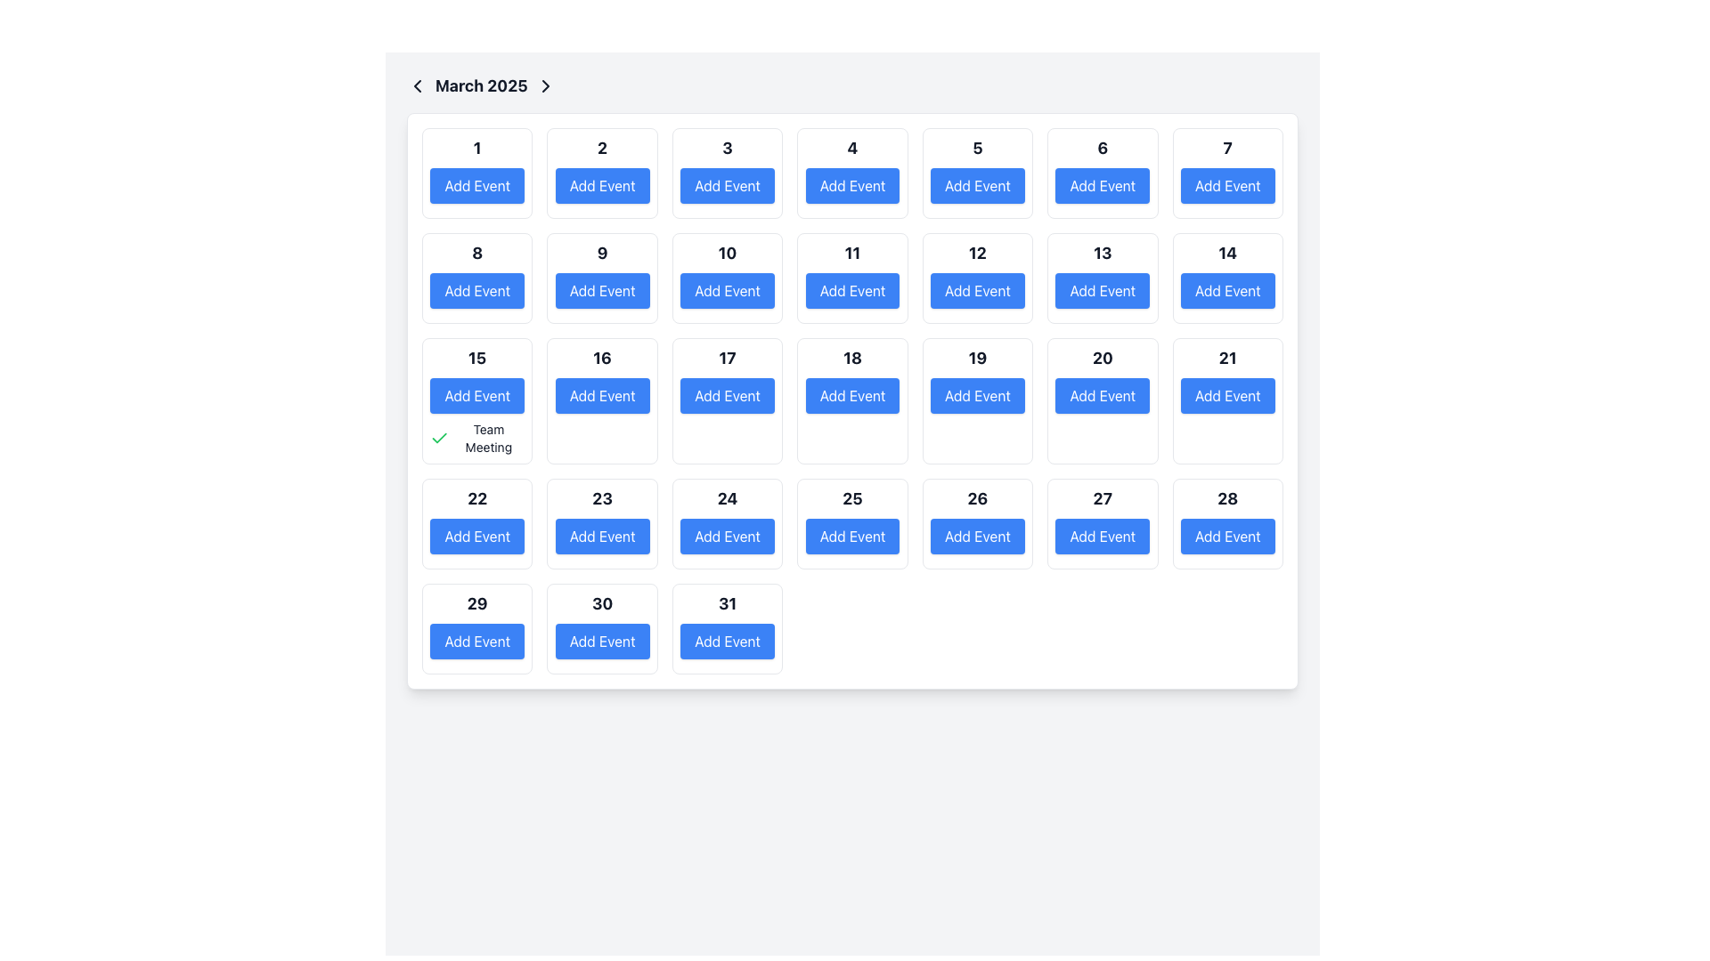  Describe the element at coordinates (1102, 401) in the screenshot. I see `the 'Add Event' button located in the calendar day box for March 20th, 2025, which is styled with rounded corners and contains the number '20'` at that location.